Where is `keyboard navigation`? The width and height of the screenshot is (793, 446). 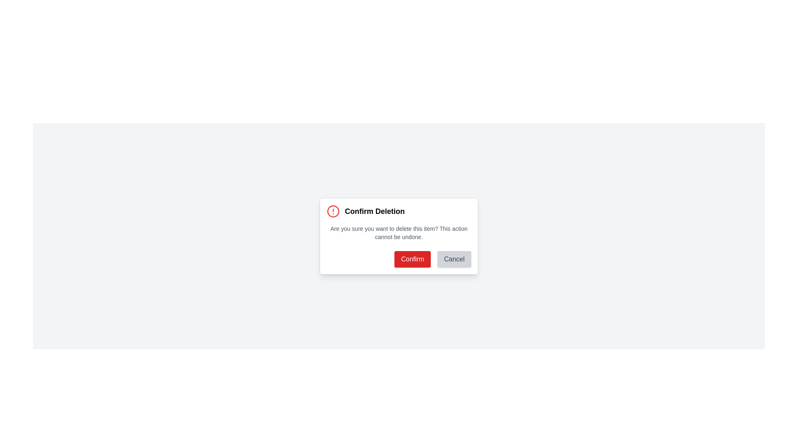
keyboard navigation is located at coordinates (399, 259).